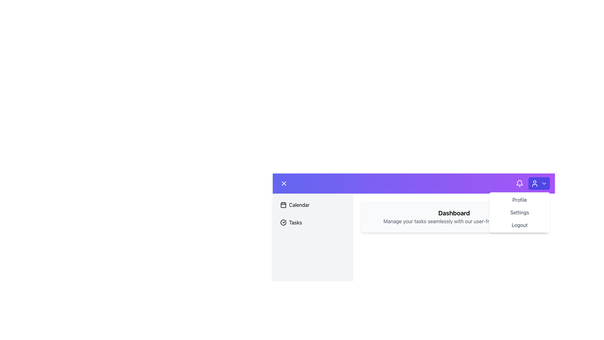 The image size is (604, 340). I want to click on the 'Settings' text-based menu item, which is the second option in the dropdown menu accessed from the top-right corner of the interface, so click(519, 212).